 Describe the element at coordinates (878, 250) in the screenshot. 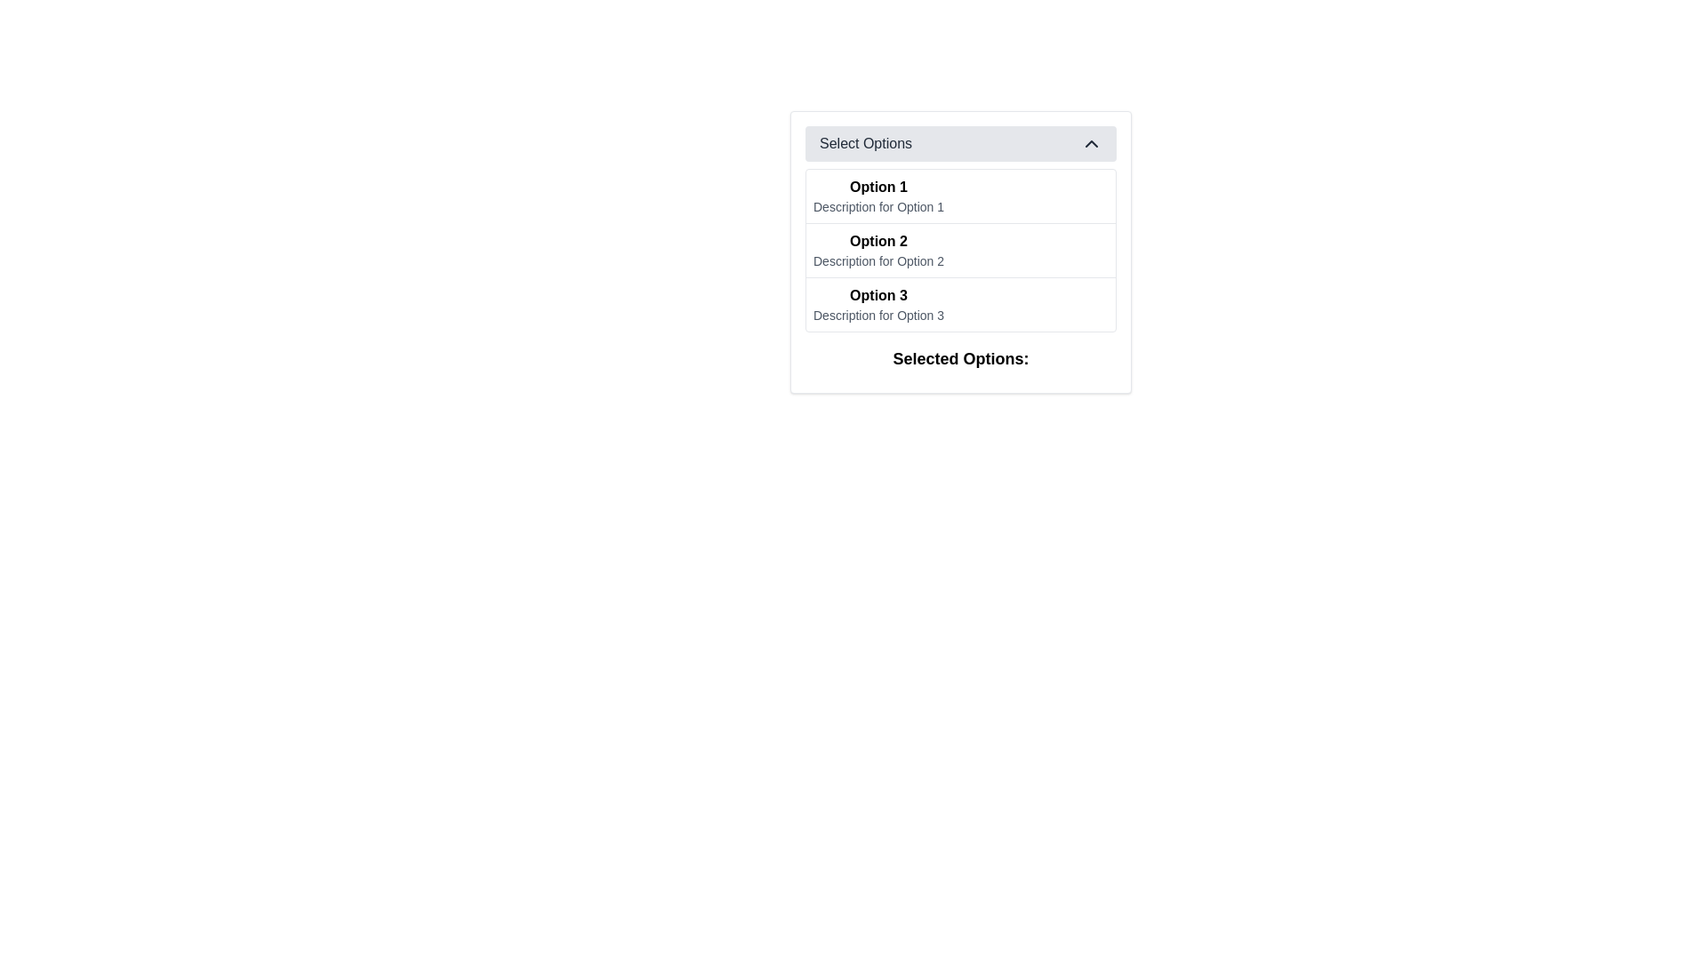

I see `the clickable menu option 'Option 2' within the dropdown` at that location.